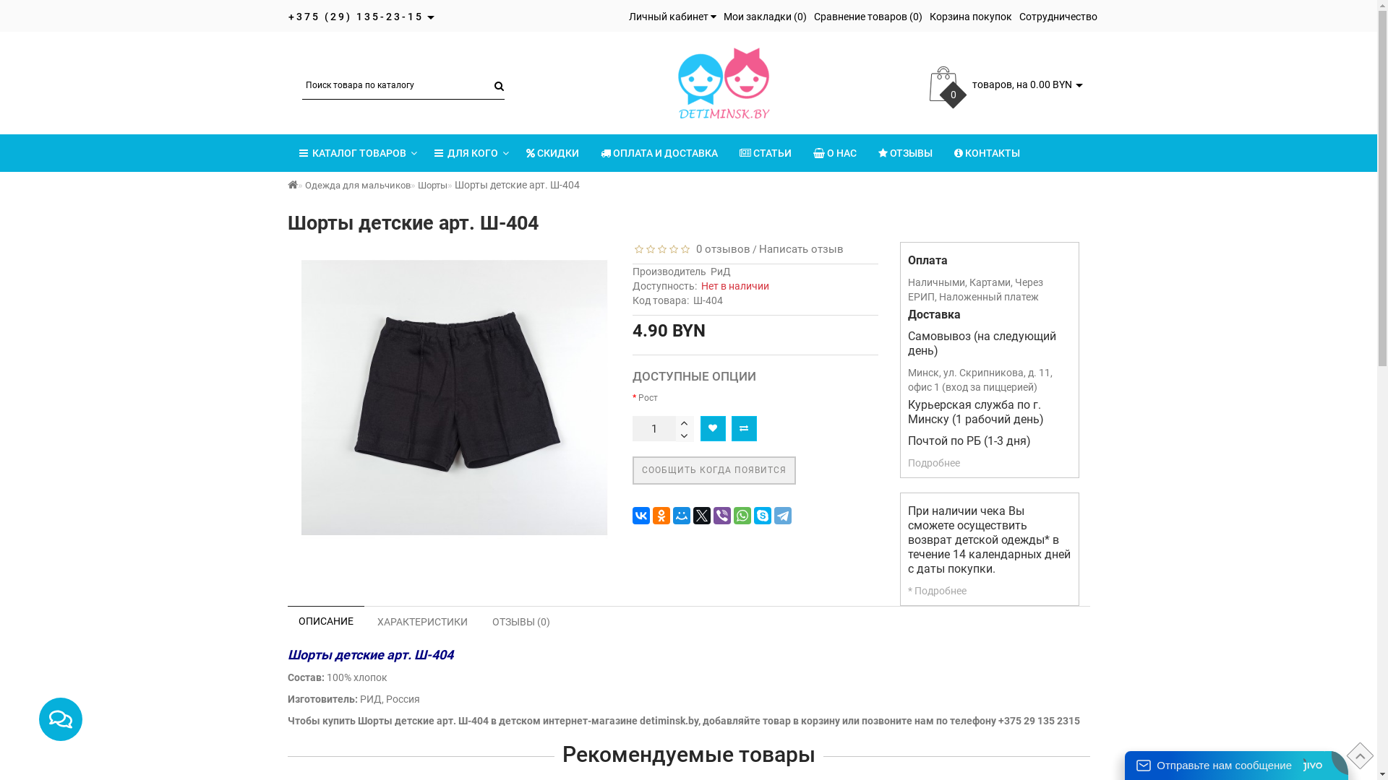 This screenshot has height=780, width=1388. I want to click on 'Twitter', so click(701, 514).